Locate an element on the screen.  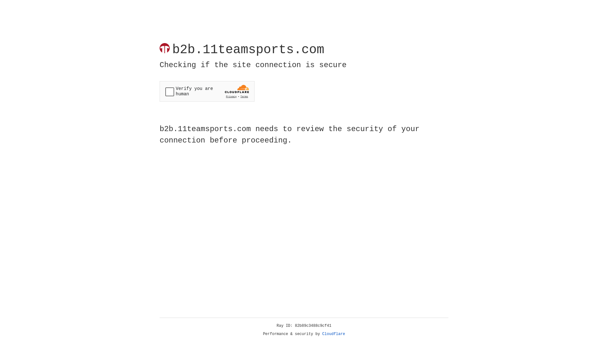
'Cloudflare' is located at coordinates (333, 334).